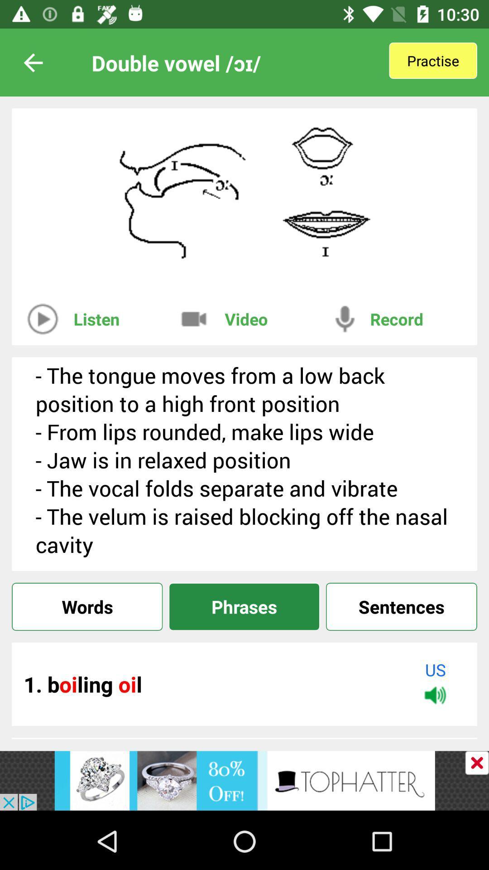  Describe the element at coordinates (476, 762) in the screenshot. I see `advertisement` at that location.